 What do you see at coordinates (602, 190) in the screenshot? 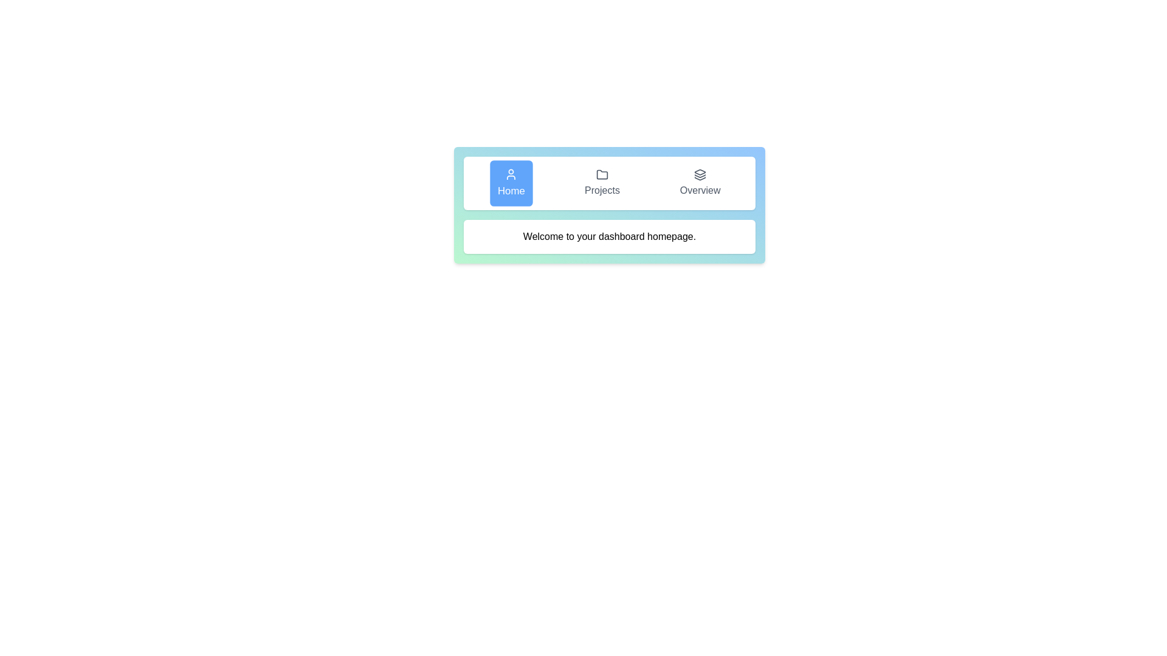
I see `the 'Projects' text label in the navigation interface, which is styled with a medium font weight and accompanied by a folder icon above it` at bounding box center [602, 190].